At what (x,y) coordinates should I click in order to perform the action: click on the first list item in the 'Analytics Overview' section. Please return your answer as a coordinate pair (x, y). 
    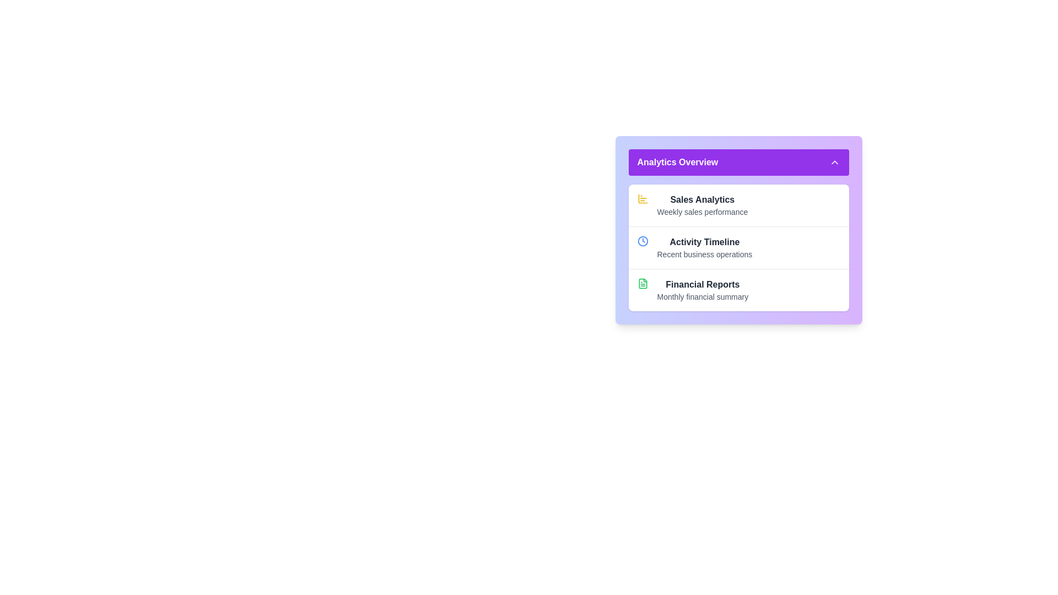
    Looking at the image, I should click on (738, 205).